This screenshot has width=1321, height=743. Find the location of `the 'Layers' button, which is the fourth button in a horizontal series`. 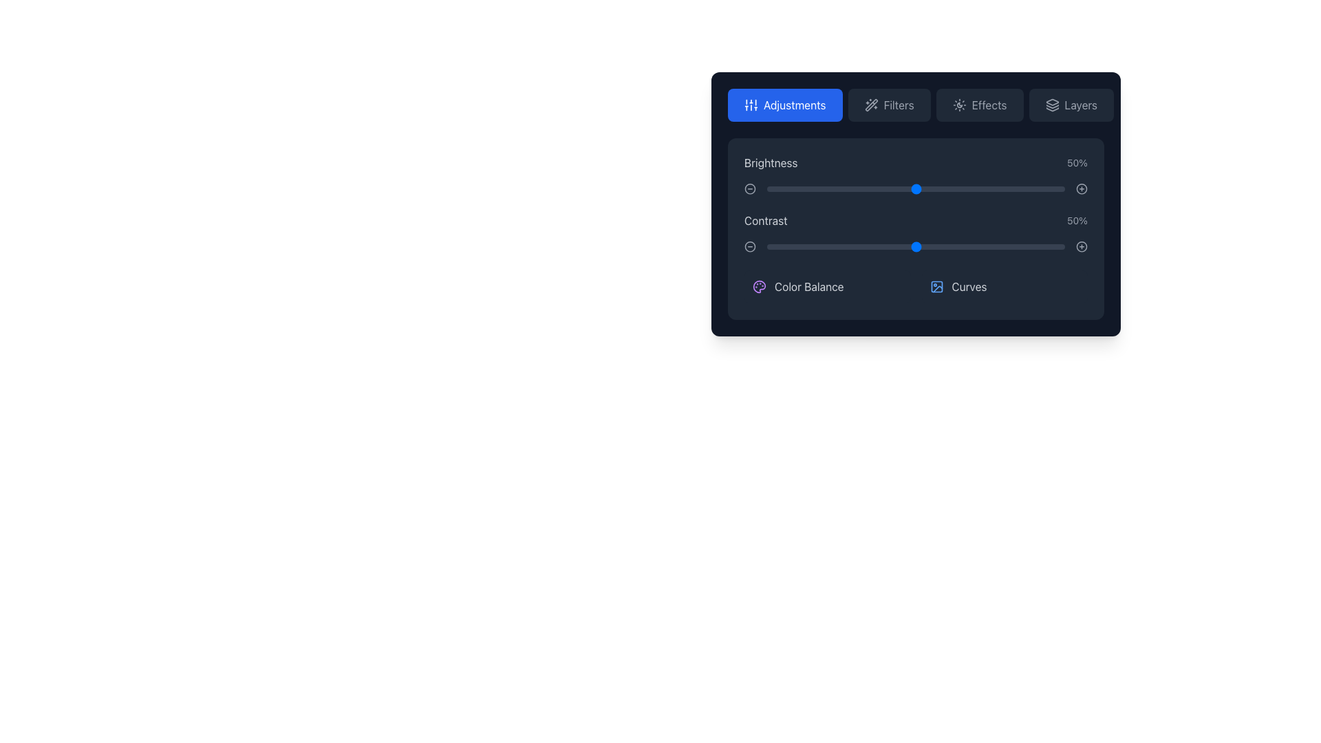

the 'Layers' button, which is the fourth button in a horizontal series is located at coordinates (1071, 105).